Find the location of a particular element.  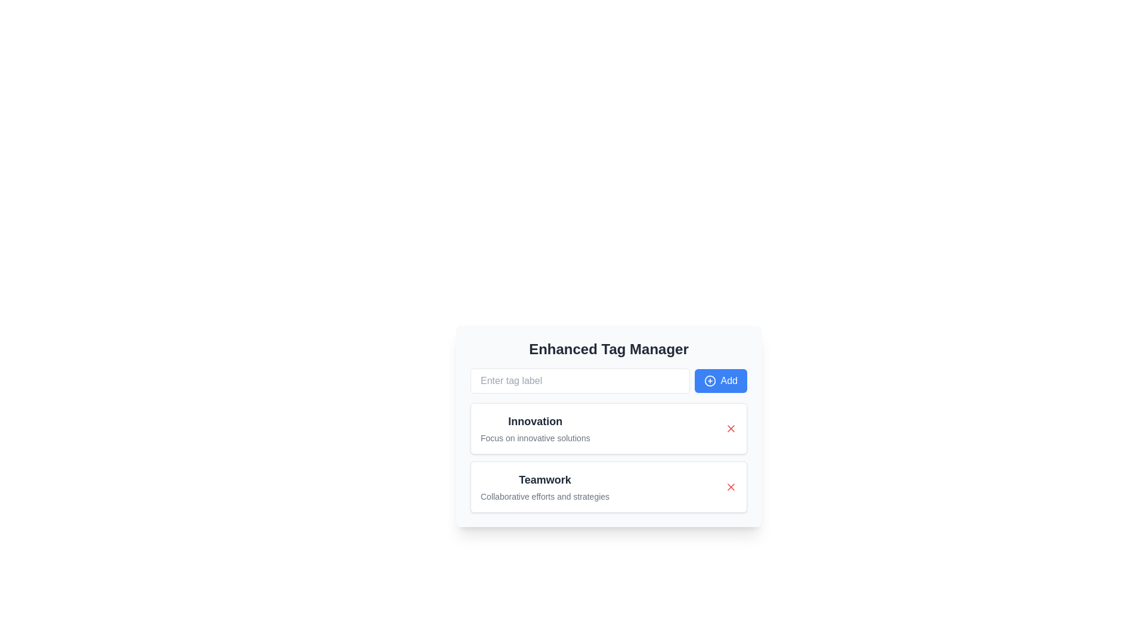

the 'Add' icon in the blue button located in the upper-right corner of the 'Enhanced Tag Manager' interface is located at coordinates (710, 381).